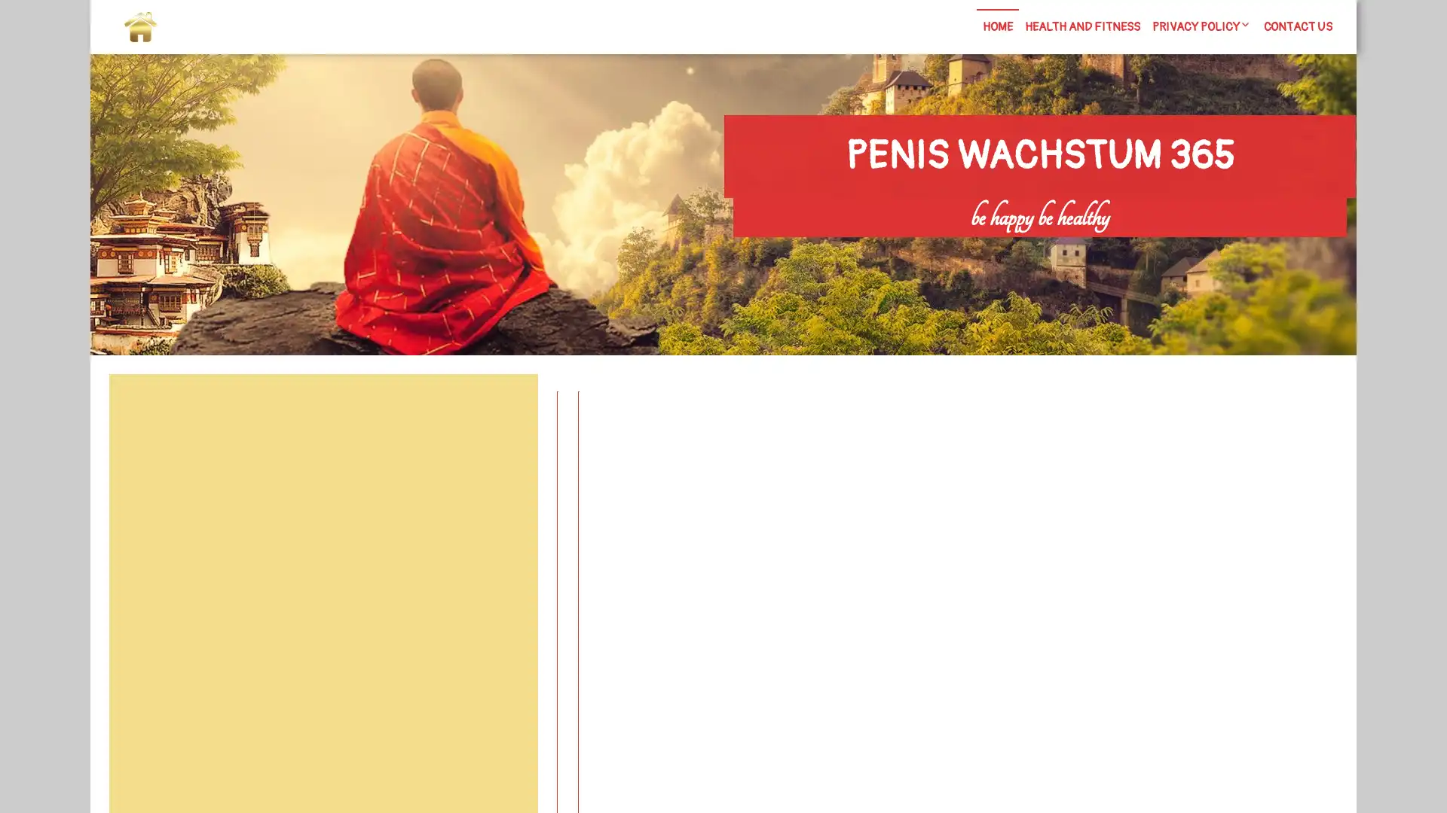 This screenshot has height=813, width=1447. I want to click on Search, so click(503, 410).